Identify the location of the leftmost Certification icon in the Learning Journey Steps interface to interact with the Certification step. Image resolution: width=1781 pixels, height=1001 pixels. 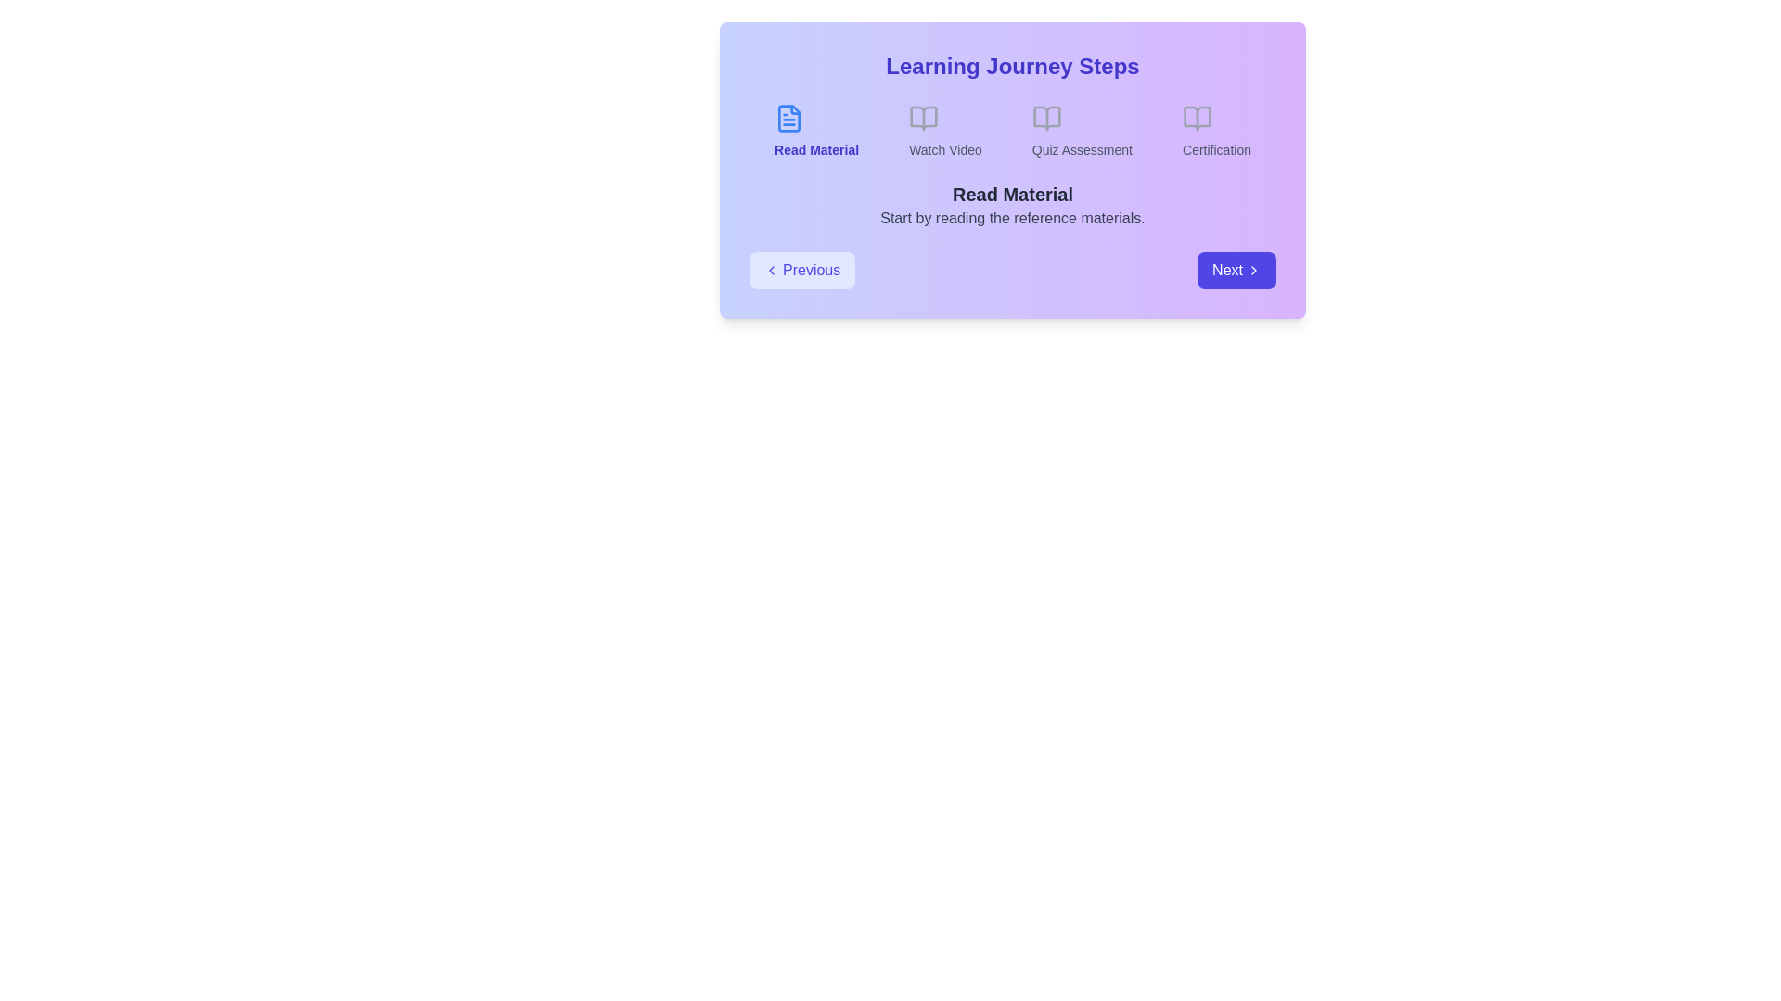
(1198, 118).